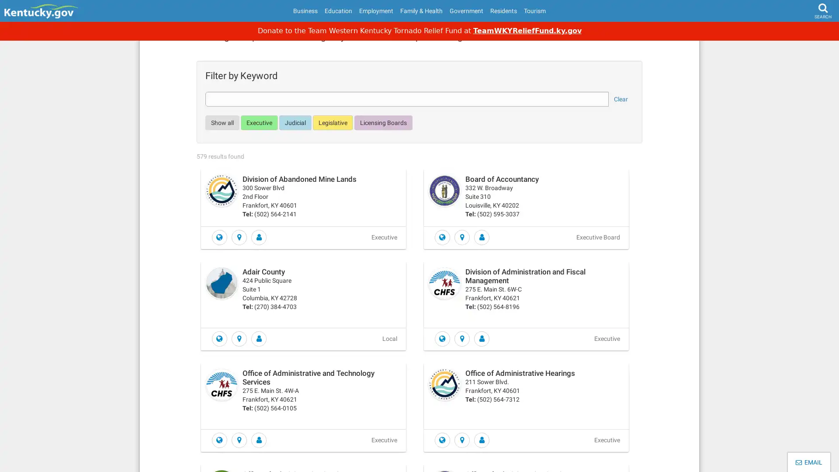  Describe the element at coordinates (620, 99) in the screenshot. I see `Clear` at that location.